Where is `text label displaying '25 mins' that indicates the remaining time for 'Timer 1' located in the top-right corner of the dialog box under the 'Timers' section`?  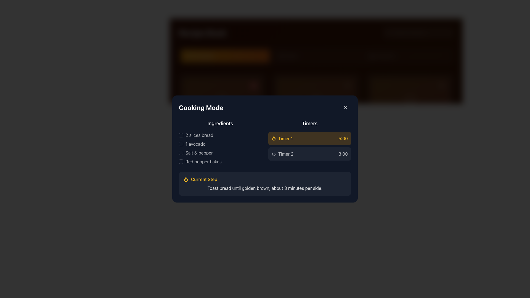 text label displaying '25 mins' that indicates the remaining time for 'Timer 1' located in the top-right corner of the dialog box under the 'Timers' section is located at coordinates (289, 139).